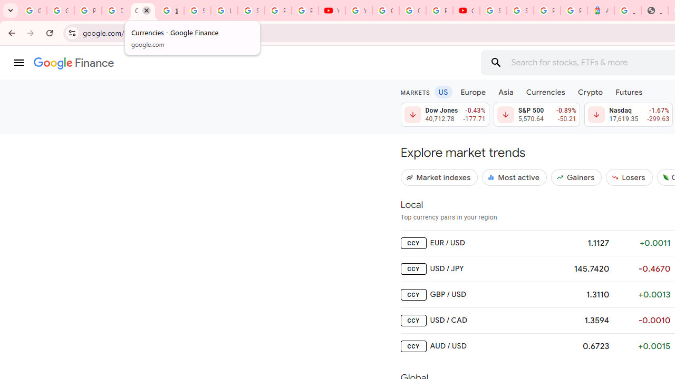 The image size is (675, 379). What do you see at coordinates (18, 63) in the screenshot?
I see `'Main menu'` at bounding box center [18, 63].